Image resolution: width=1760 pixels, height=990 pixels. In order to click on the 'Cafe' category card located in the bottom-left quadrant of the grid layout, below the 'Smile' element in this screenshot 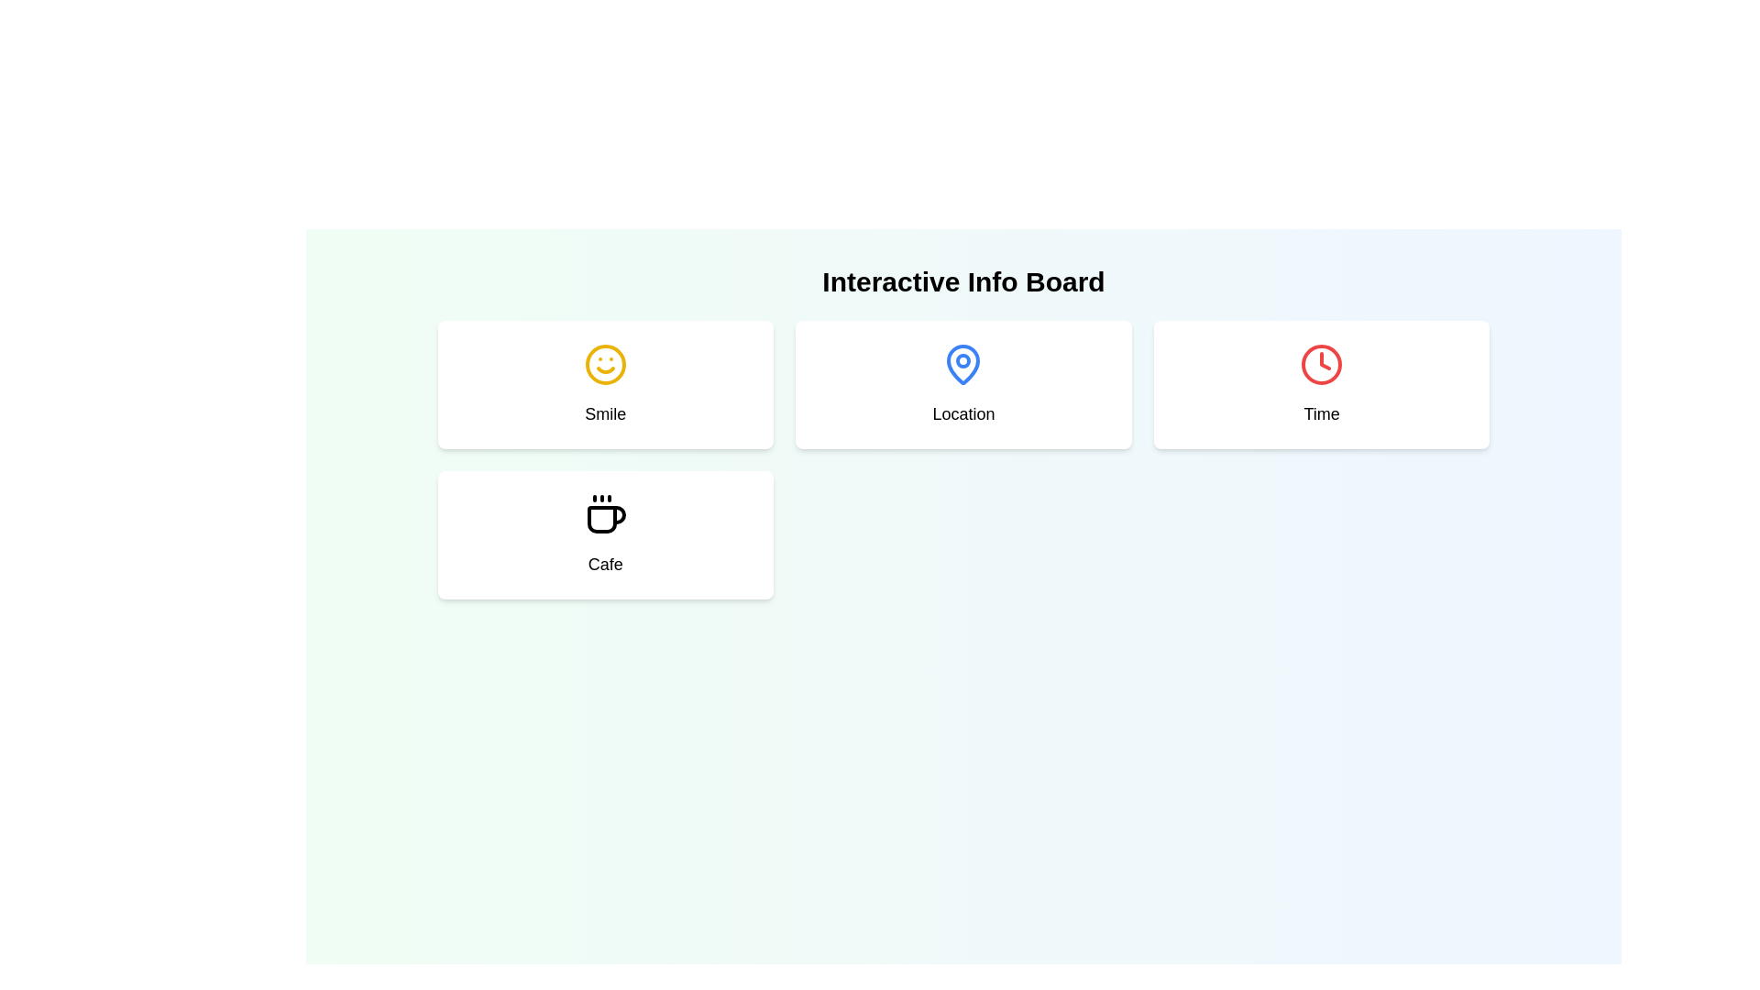, I will do `click(605, 534)`.